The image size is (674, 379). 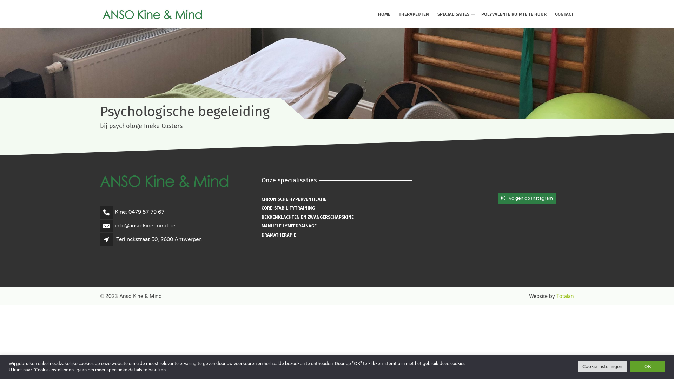 What do you see at coordinates (432, 14) in the screenshot?
I see `'SPECIALISATIES'` at bounding box center [432, 14].